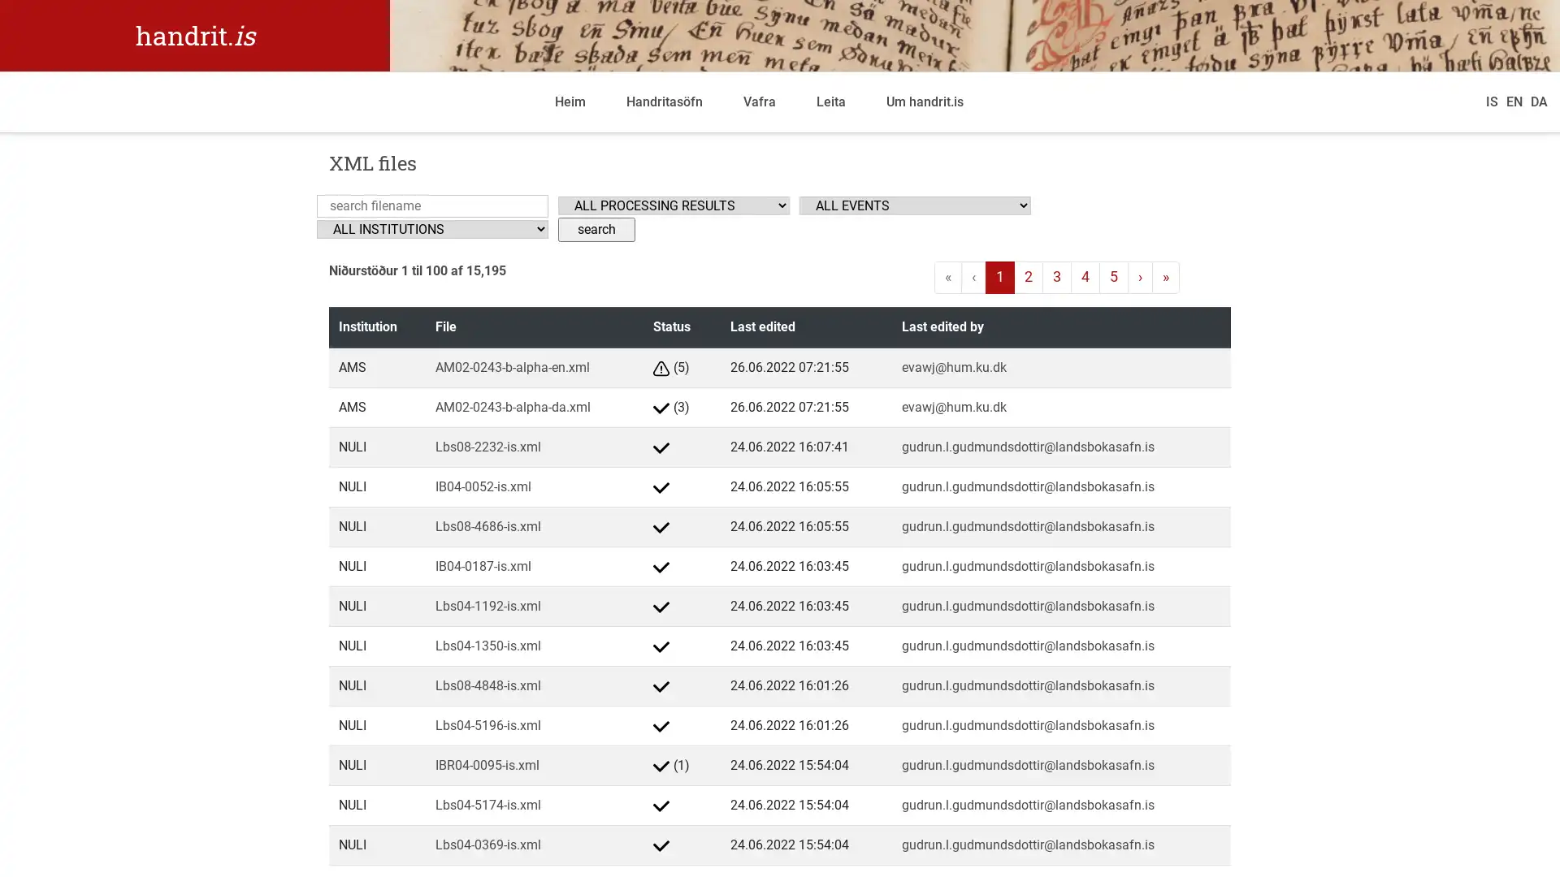 This screenshot has width=1560, height=877. What do you see at coordinates (596, 228) in the screenshot?
I see `search` at bounding box center [596, 228].